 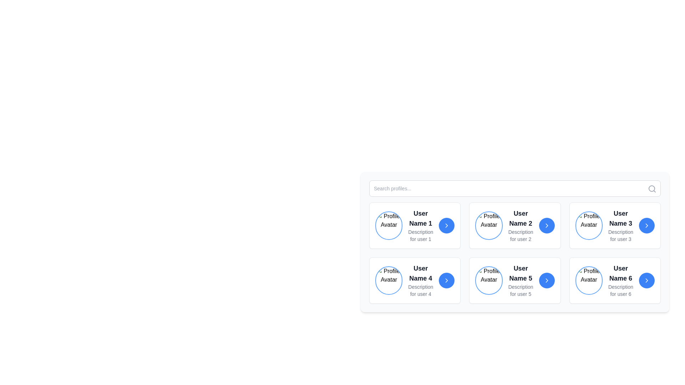 I want to click on the static text block displaying 'Description for user 3', which is positioned beneath 'User Name 3' in the user card layout, so click(x=620, y=235).